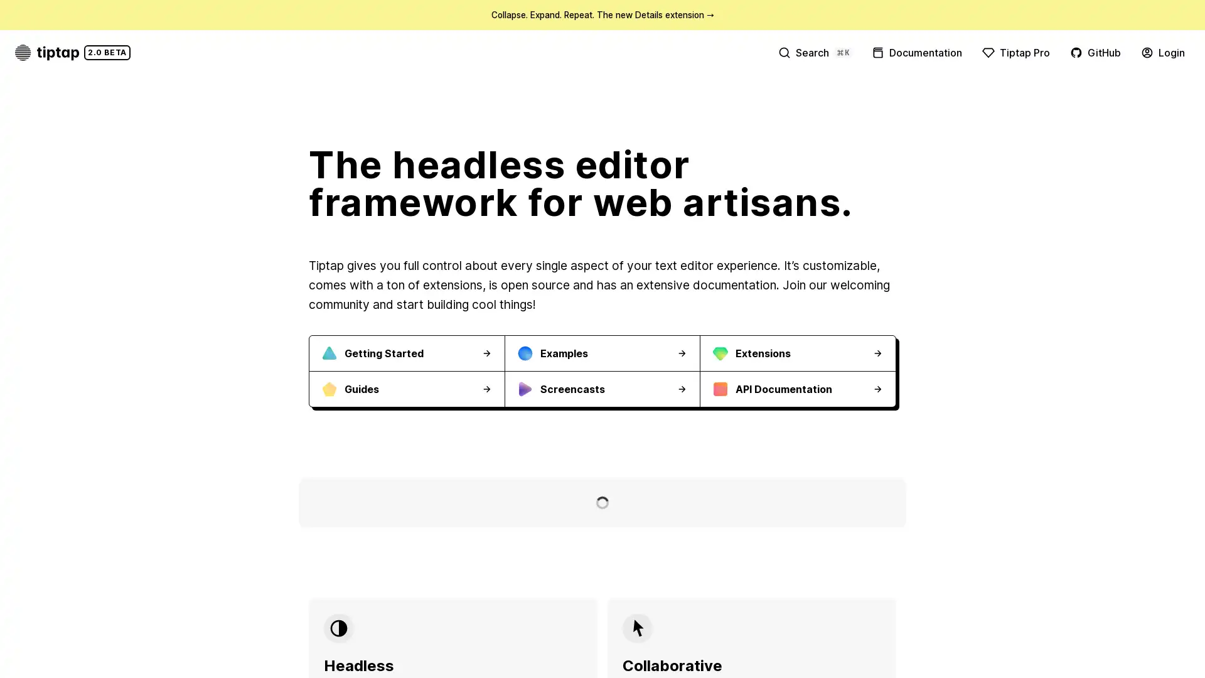  I want to click on Search, so click(814, 51).